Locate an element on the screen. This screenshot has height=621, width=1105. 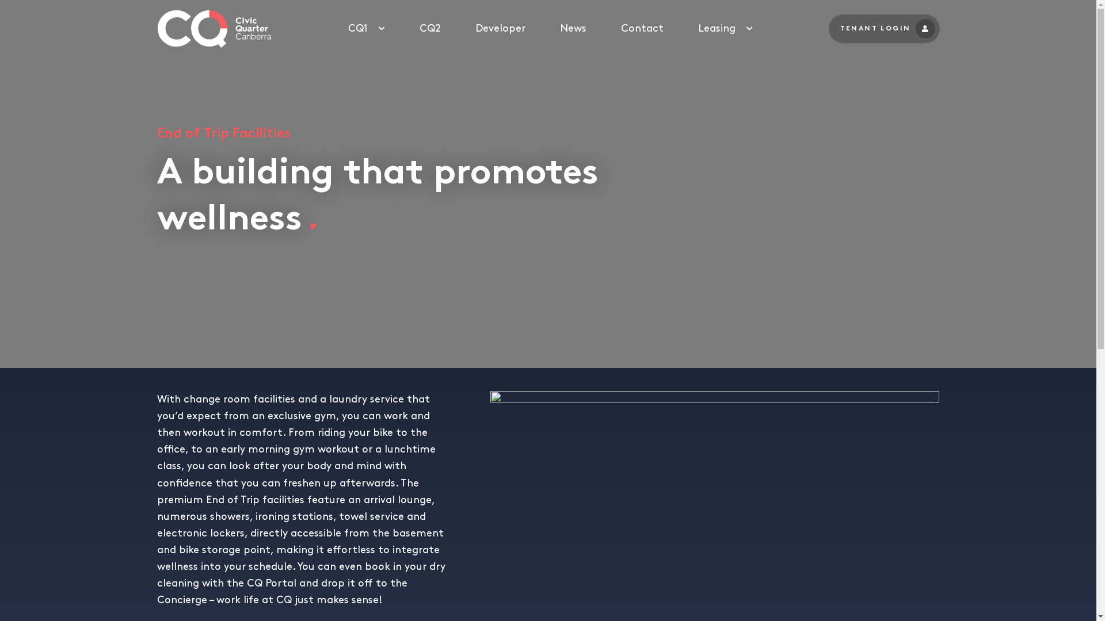
'CQ2' is located at coordinates (429, 28).